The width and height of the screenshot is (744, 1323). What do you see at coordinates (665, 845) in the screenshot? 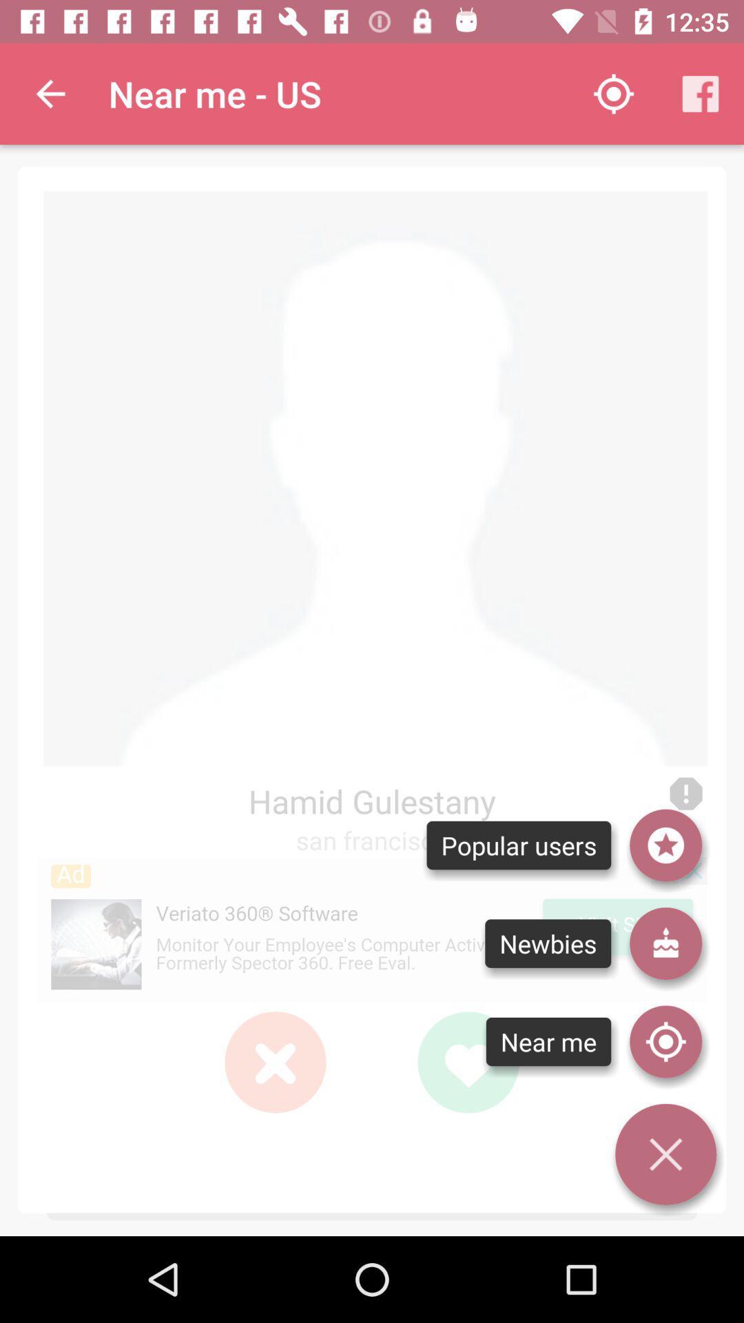
I see `the star icon` at bounding box center [665, 845].